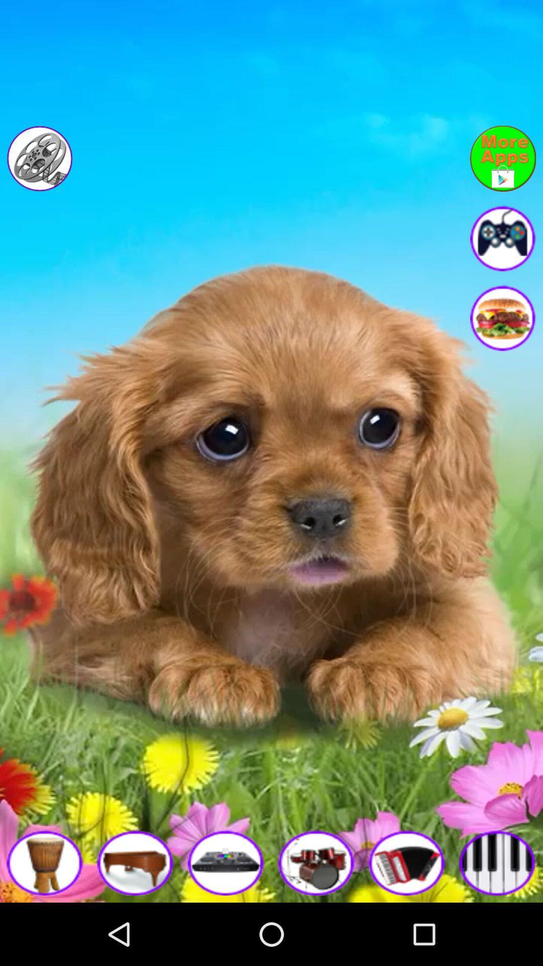  I want to click on video player, so click(39, 158).